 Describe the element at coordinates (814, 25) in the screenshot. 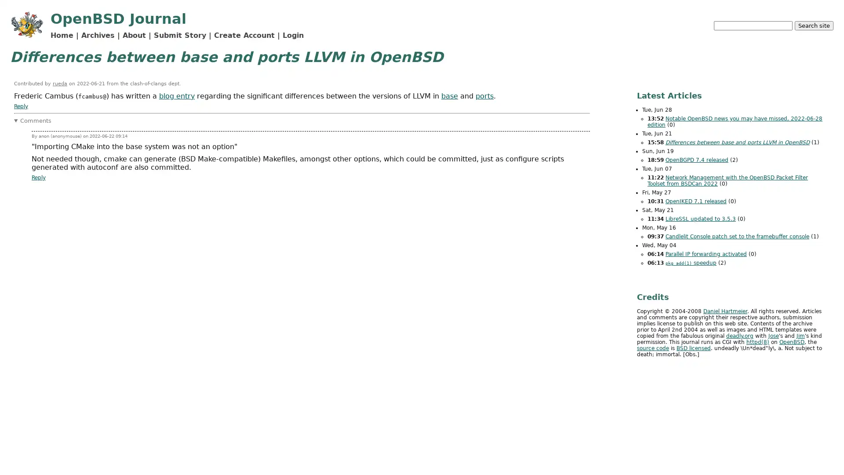

I see `Search site` at that location.